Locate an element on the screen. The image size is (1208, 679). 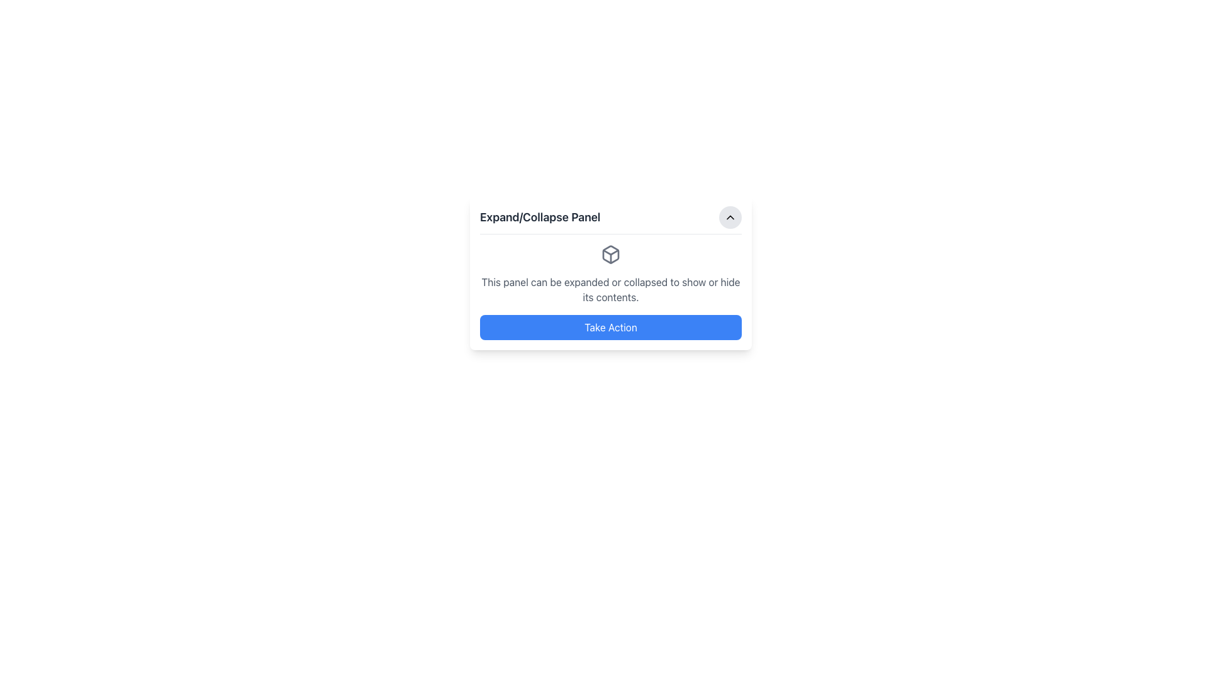
the circular toggle button with a light gray background and a chevron-up icon located in the upper right corner of the 'Expand/Collapse Panel' section is located at coordinates (730, 217).